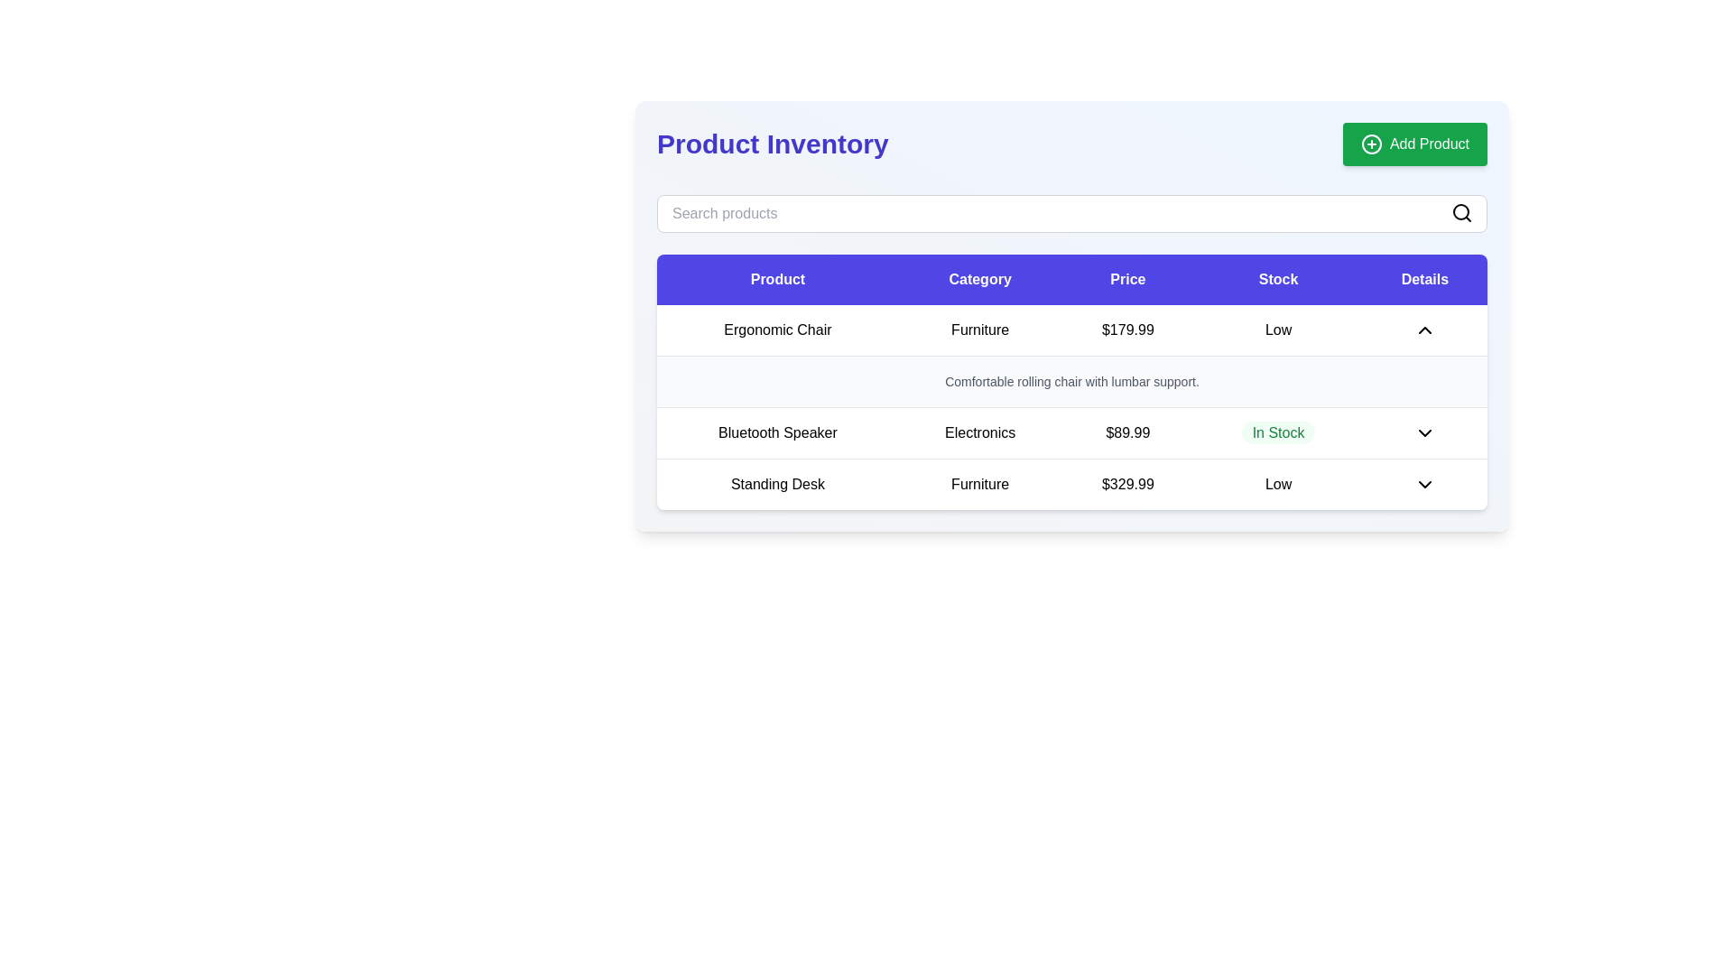 Image resolution: width=1733 pixels, height=975 pixels. Describe the element at coordinates (1423, 330) in the screenshot. I see `within the 'Details' column button for the 'Ergonomic Chair' entry` at that location.